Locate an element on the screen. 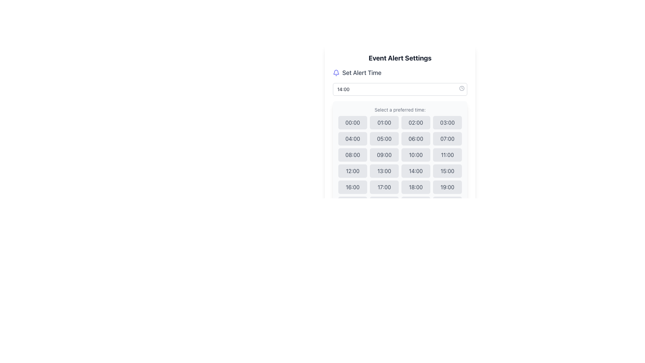 Image resolution: width=645 pixels, height=363 pixels. the primary circular SVG clock element located beside the time input box labeled with the current selected time is located at coordinates (461, 88).